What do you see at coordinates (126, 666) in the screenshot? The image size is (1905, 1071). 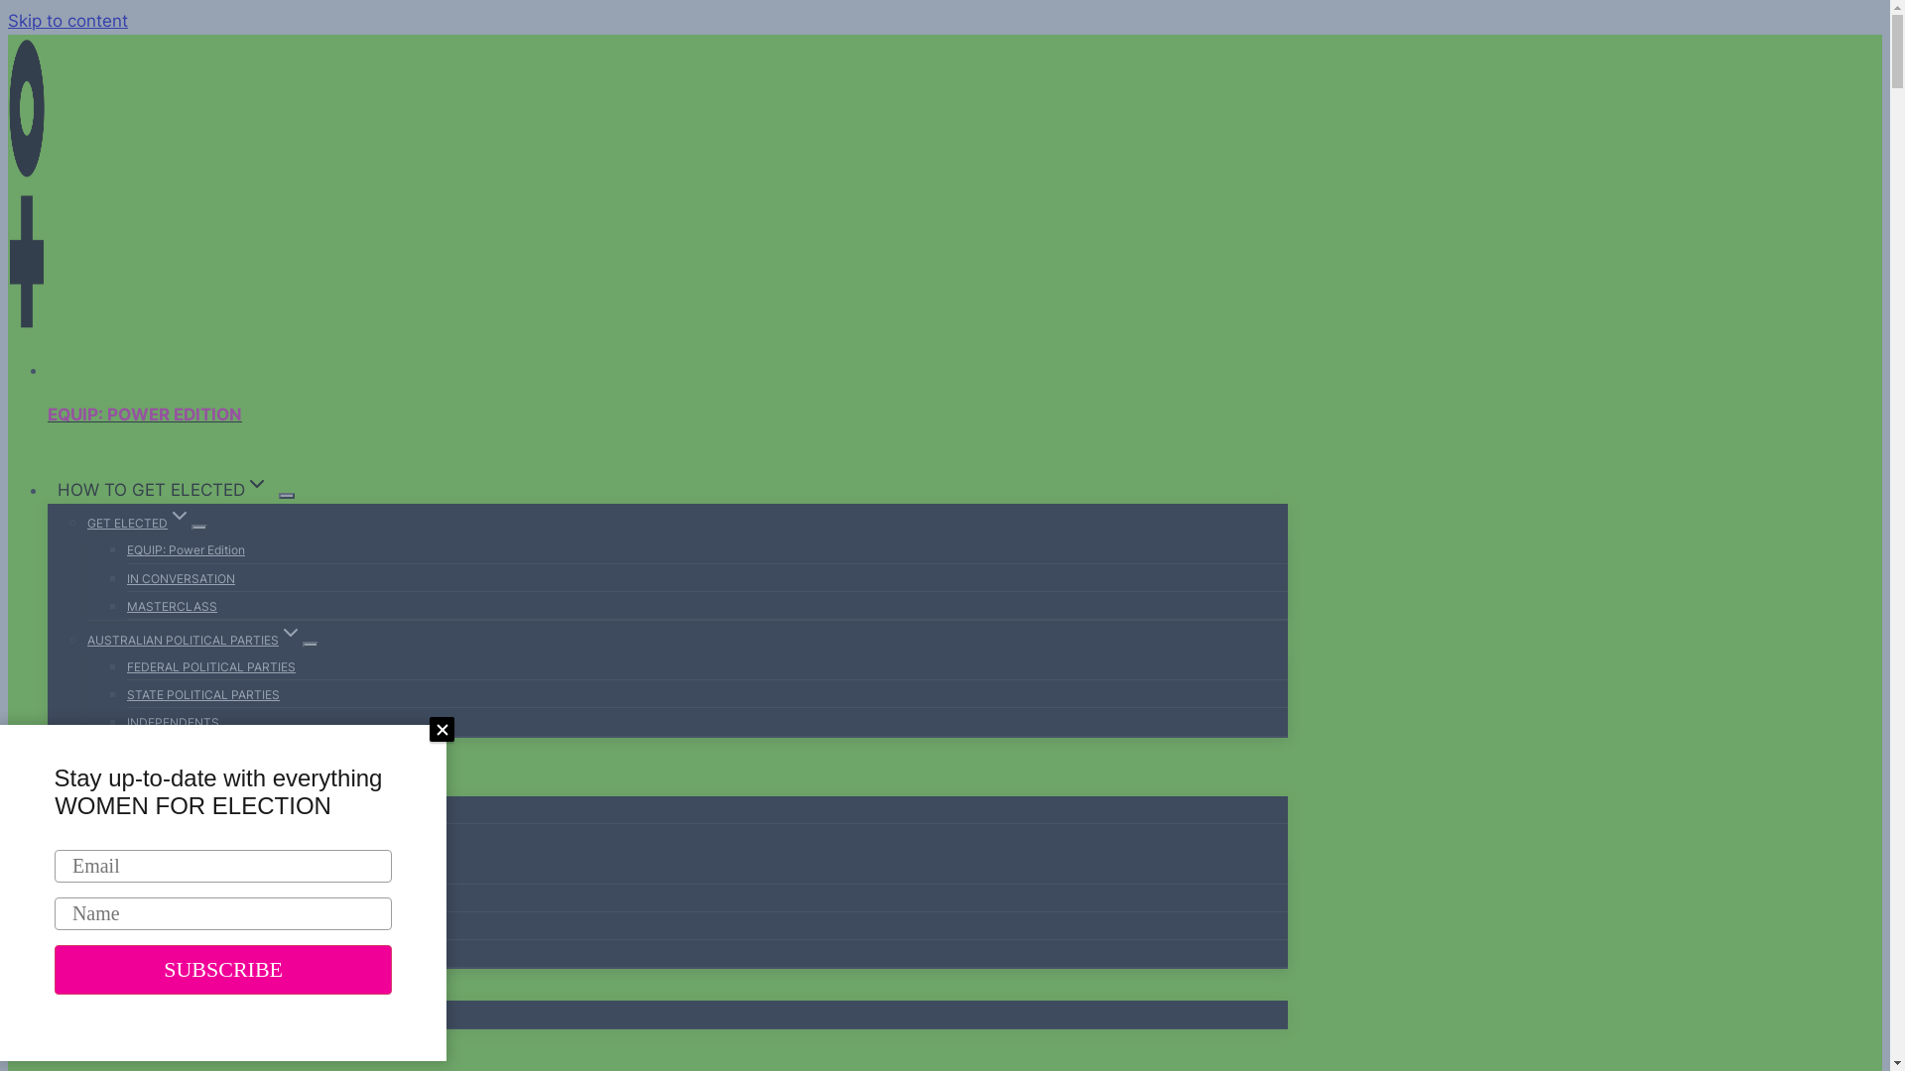 I see `'FEDERAL POLITICAL PARTIES'` at bounding box center [126, 666].